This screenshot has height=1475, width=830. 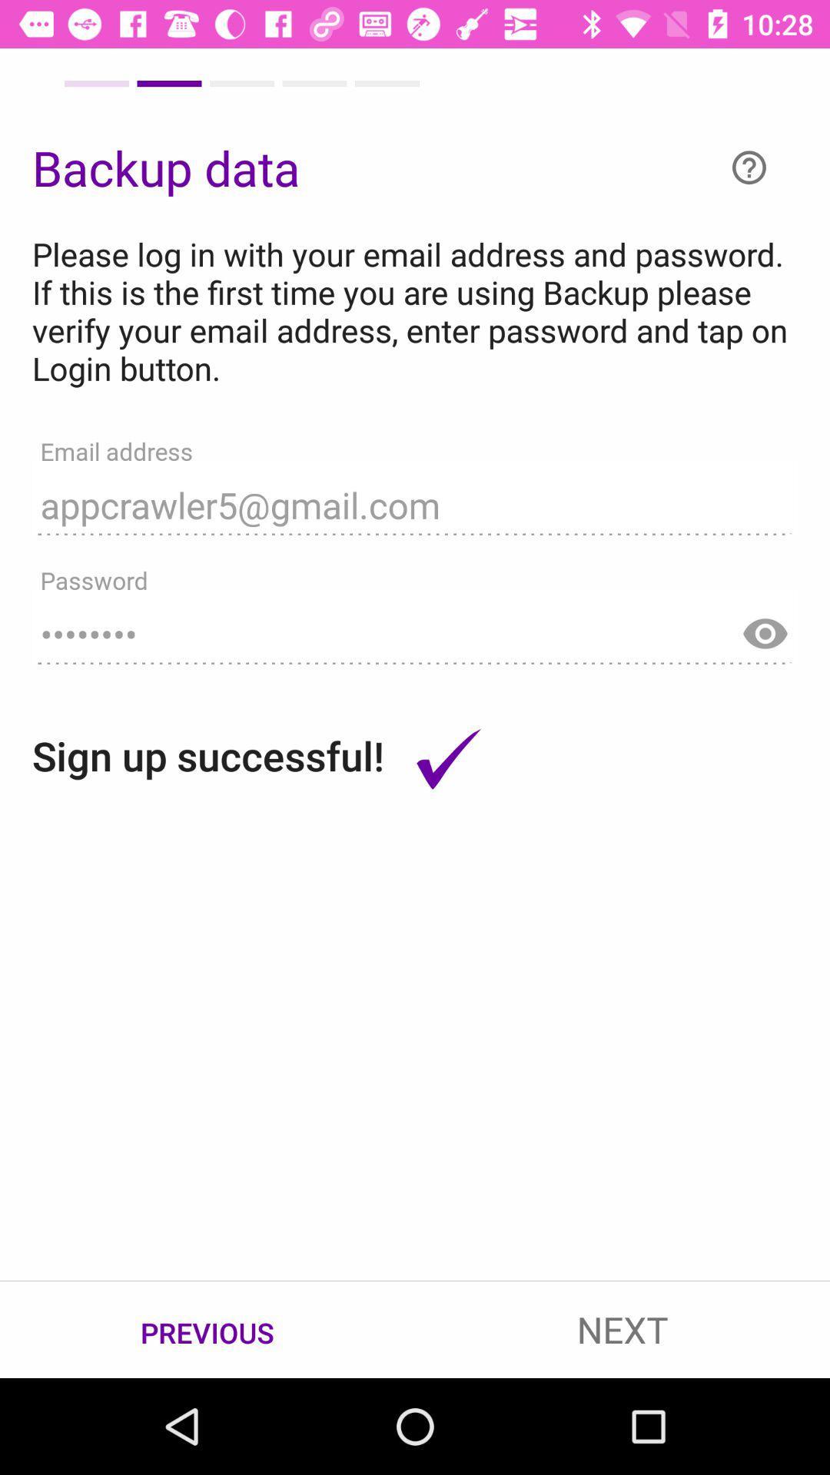 I want to click on the icon at the bottom right corner, so click(x=622, y=1329).